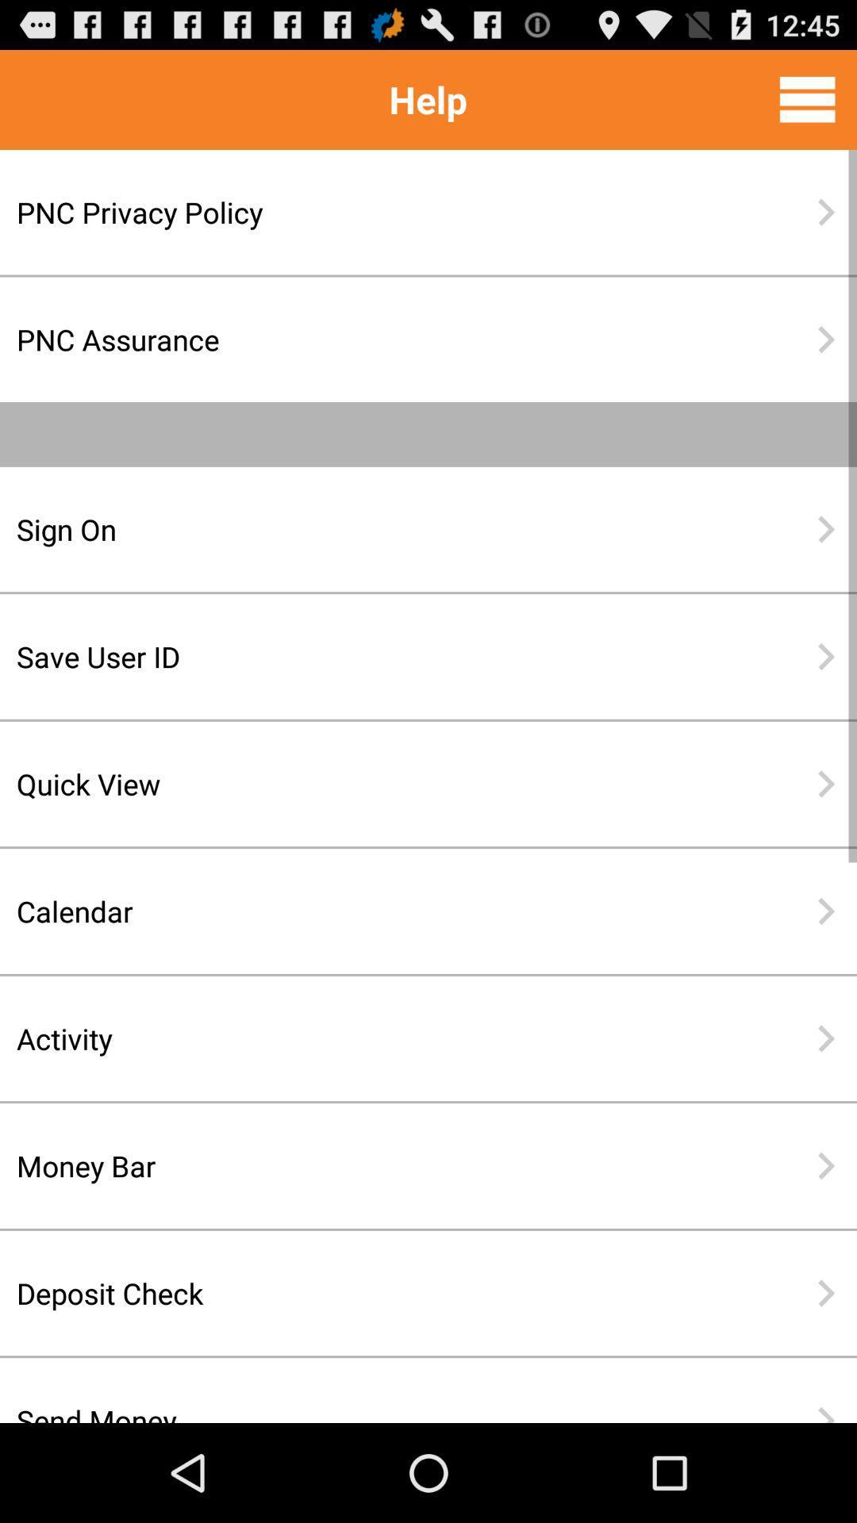 The image size is (857, 1523). I want to click on the second next button, so click(825, 339).